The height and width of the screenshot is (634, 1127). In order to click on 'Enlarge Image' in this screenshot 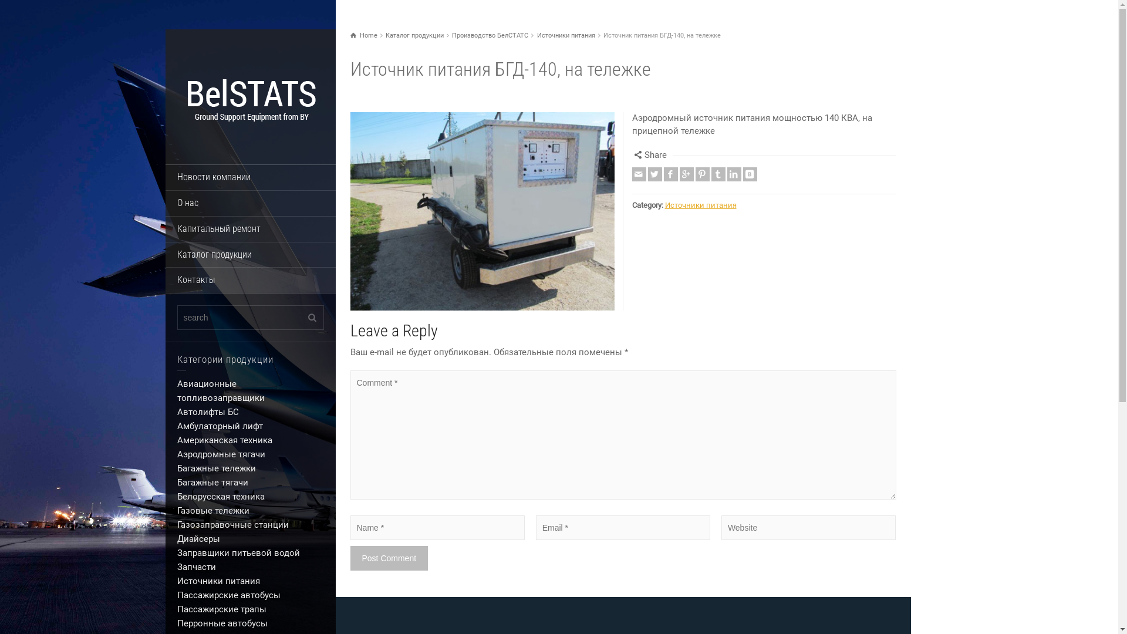, I will do `click(217, 210)`.